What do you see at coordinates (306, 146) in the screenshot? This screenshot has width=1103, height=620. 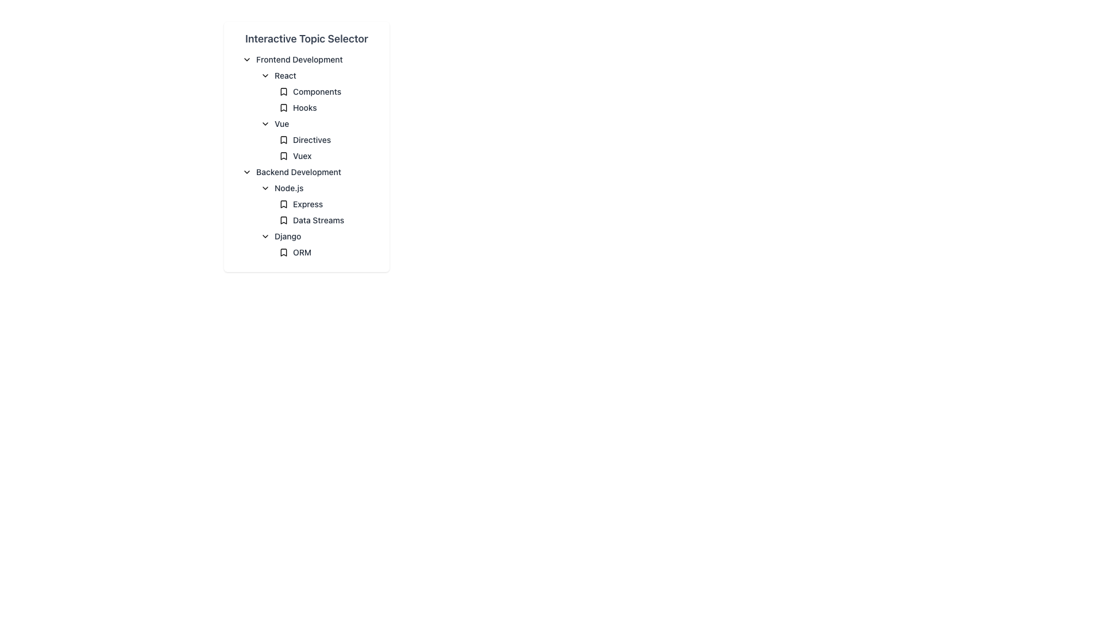 I see `a subtopic within the 'Interactive Topic Selector' collapsible list component` at bounding box center [306, 146].